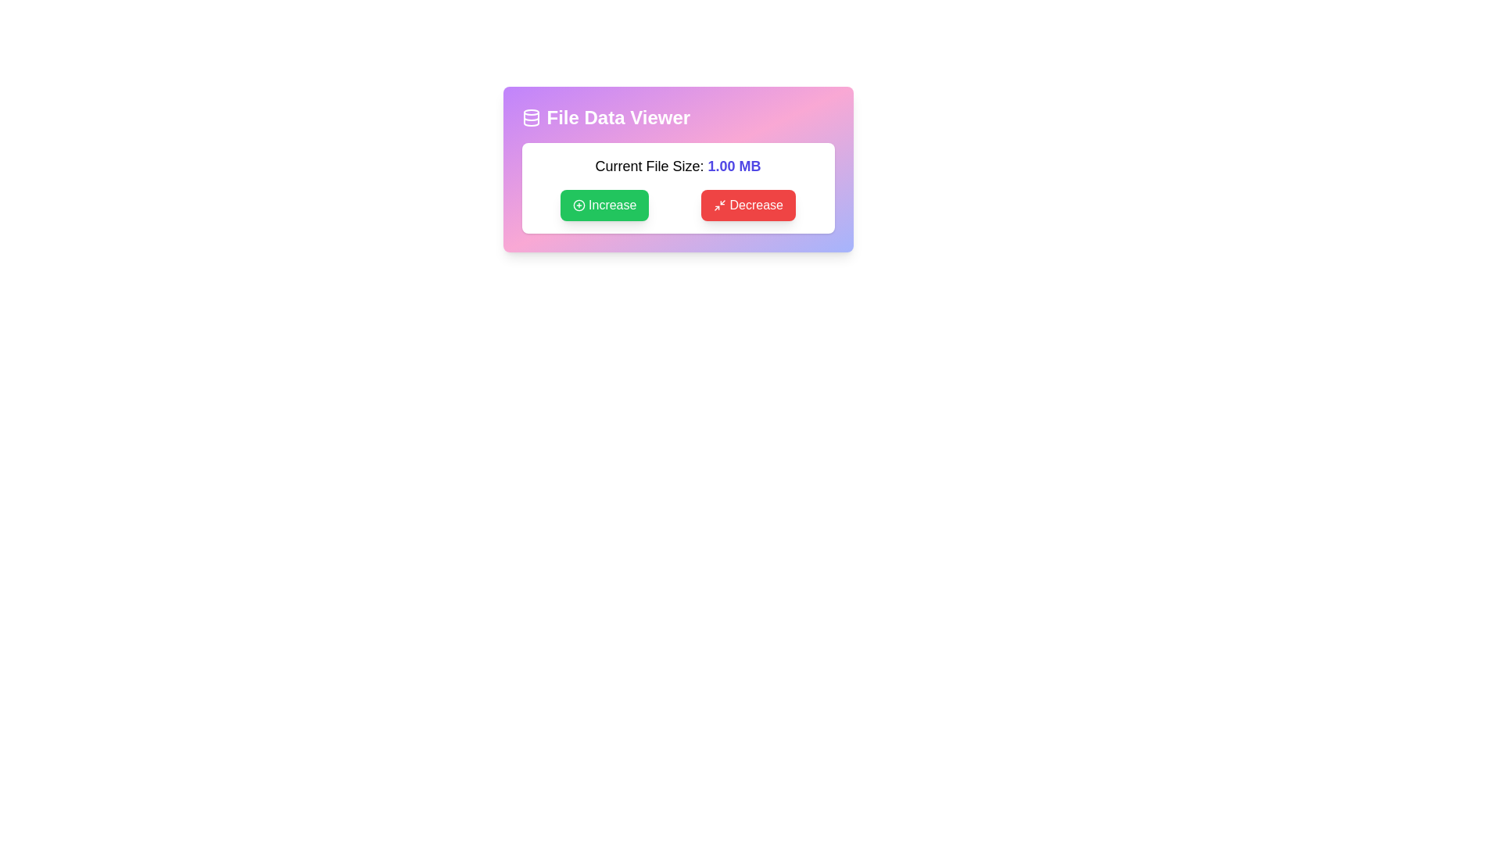 Image resolution: width=1501 pixels, height=844 pixels. Describe the element at coordinates (579, 204) in the screenshot. I see `the design contribution of the SVG Circle Graphic within the 'Increase' button, which is located on the left side below 'Current File Size: 1.00 MB'` at that location.